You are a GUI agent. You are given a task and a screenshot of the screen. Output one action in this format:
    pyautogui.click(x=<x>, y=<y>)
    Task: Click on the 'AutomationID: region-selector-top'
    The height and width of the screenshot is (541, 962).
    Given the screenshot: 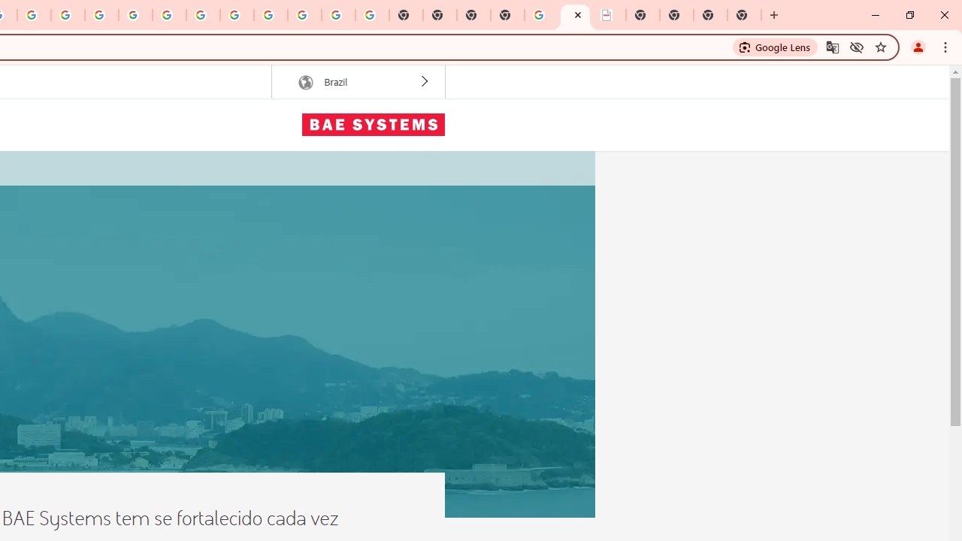 What is the action you would take?
    pyautogui.click(x=357, y=82)
    